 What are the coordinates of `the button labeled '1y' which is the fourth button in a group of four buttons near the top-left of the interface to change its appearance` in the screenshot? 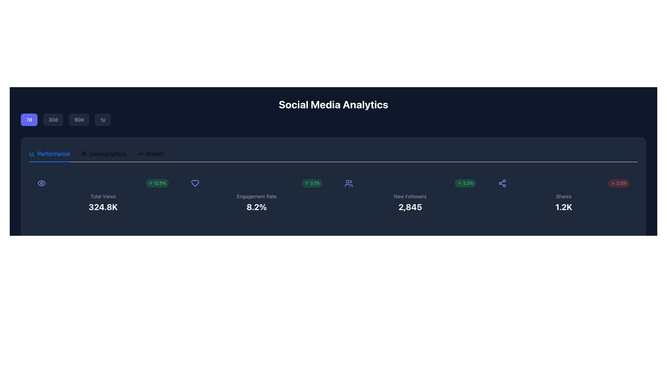 It's located at (102, 119).